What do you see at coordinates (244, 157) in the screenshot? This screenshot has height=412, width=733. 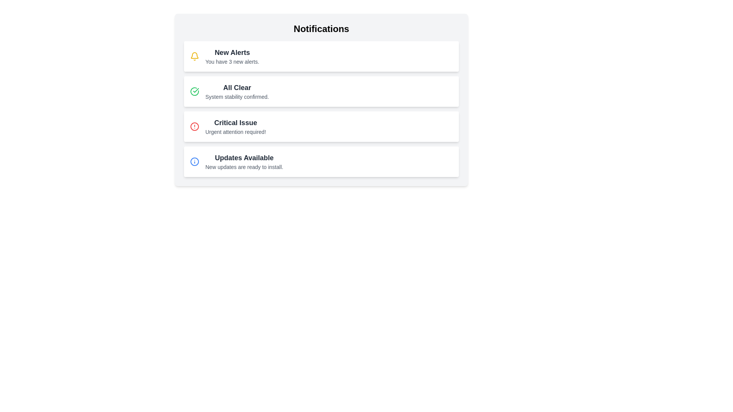 I see `the bold text label that says 'Updates Available', which is prominently displayed in the first line of the fourth notification card` at bounding box center [244, 157].